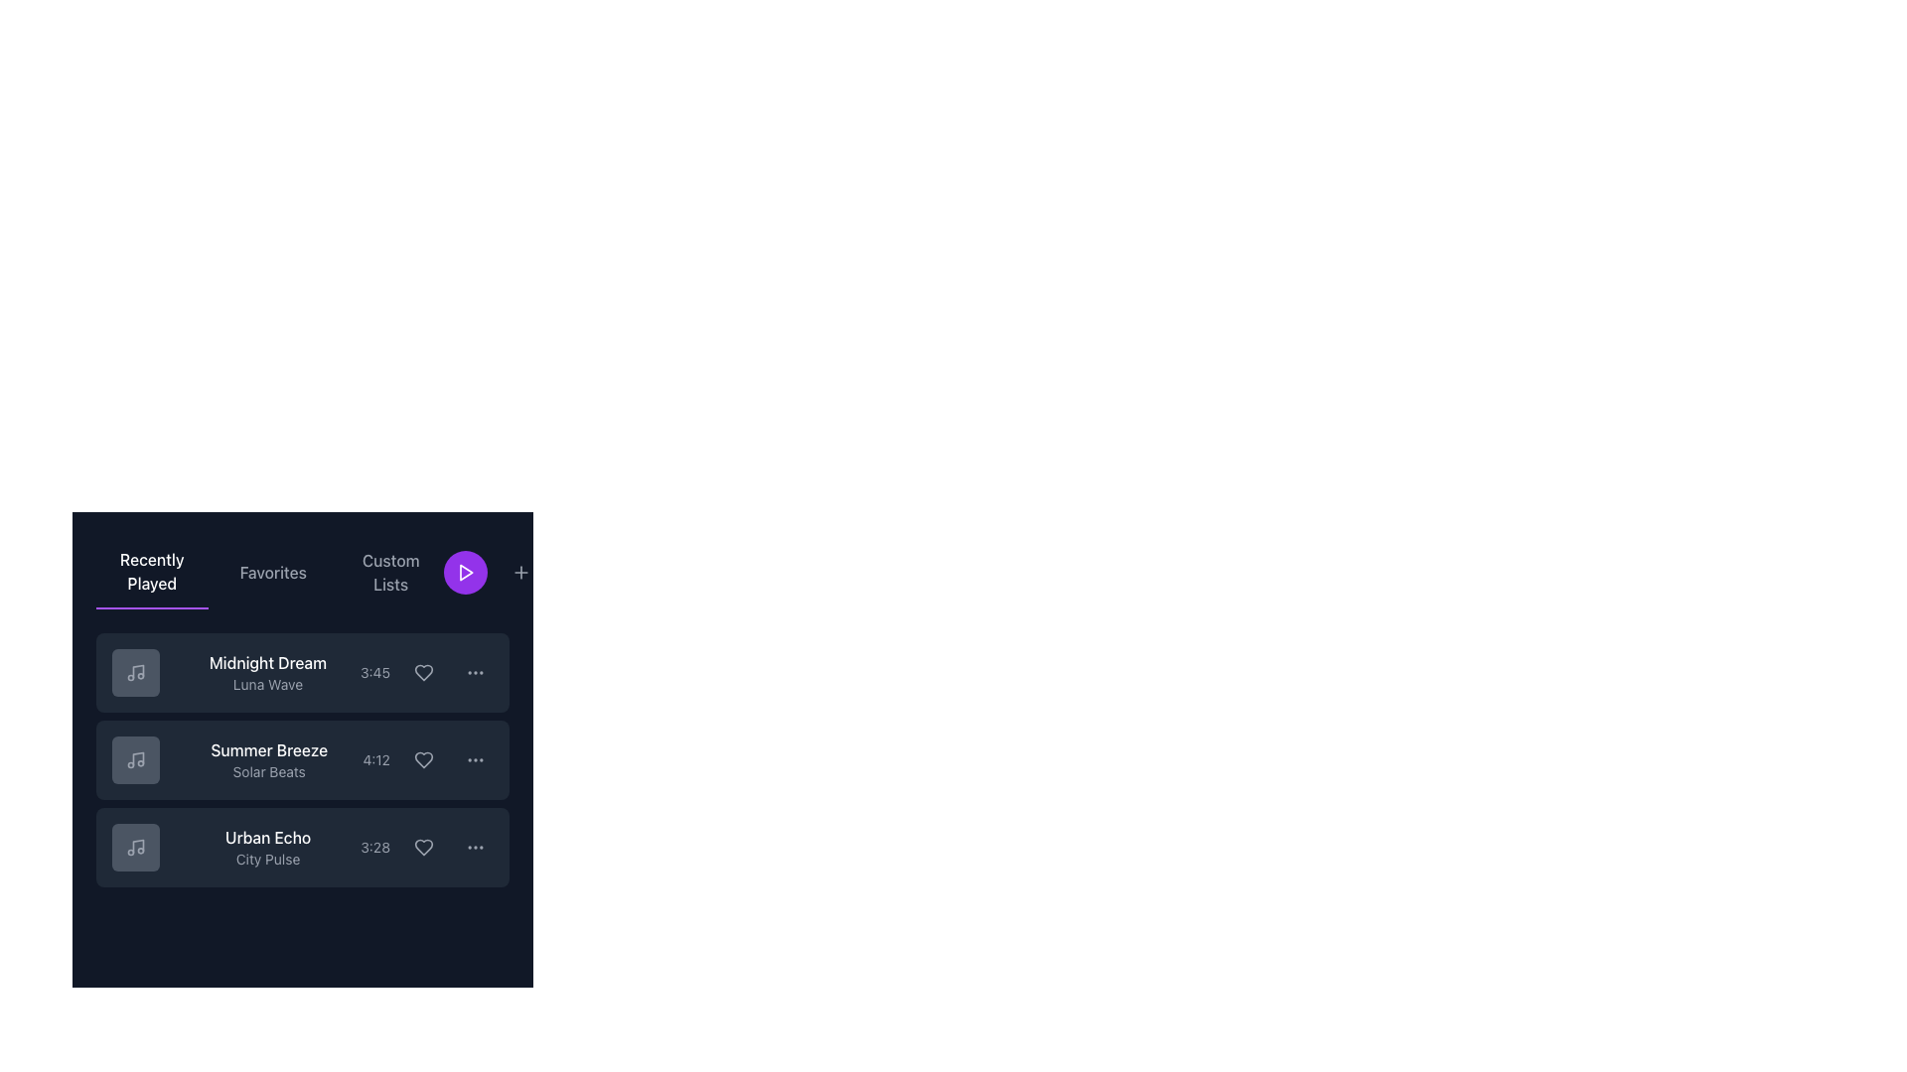  I want to click on the 'Recently Played' button, which is styled with a white font and purple underline, so click(151, 573).